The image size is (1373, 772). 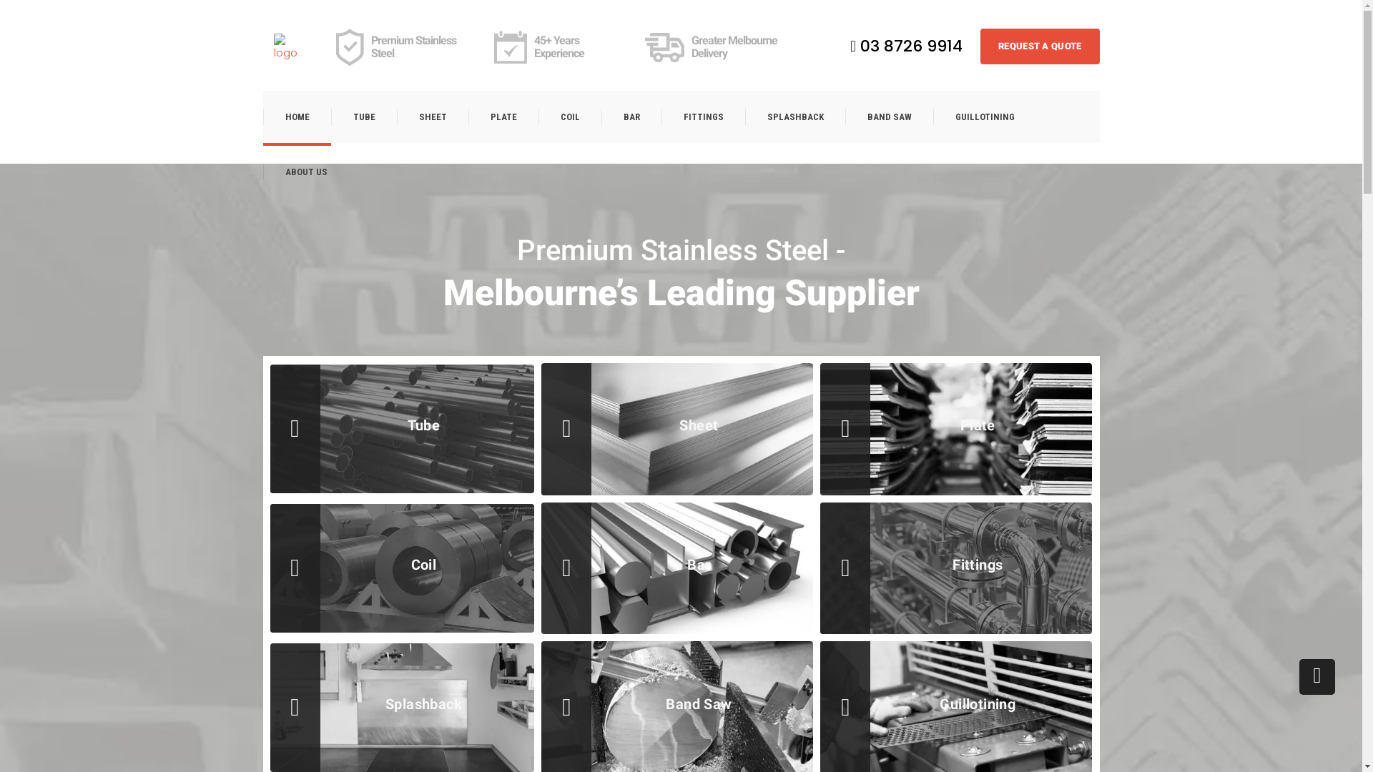 I want to click on 'ABOUT US', so click(x=305, y=171).